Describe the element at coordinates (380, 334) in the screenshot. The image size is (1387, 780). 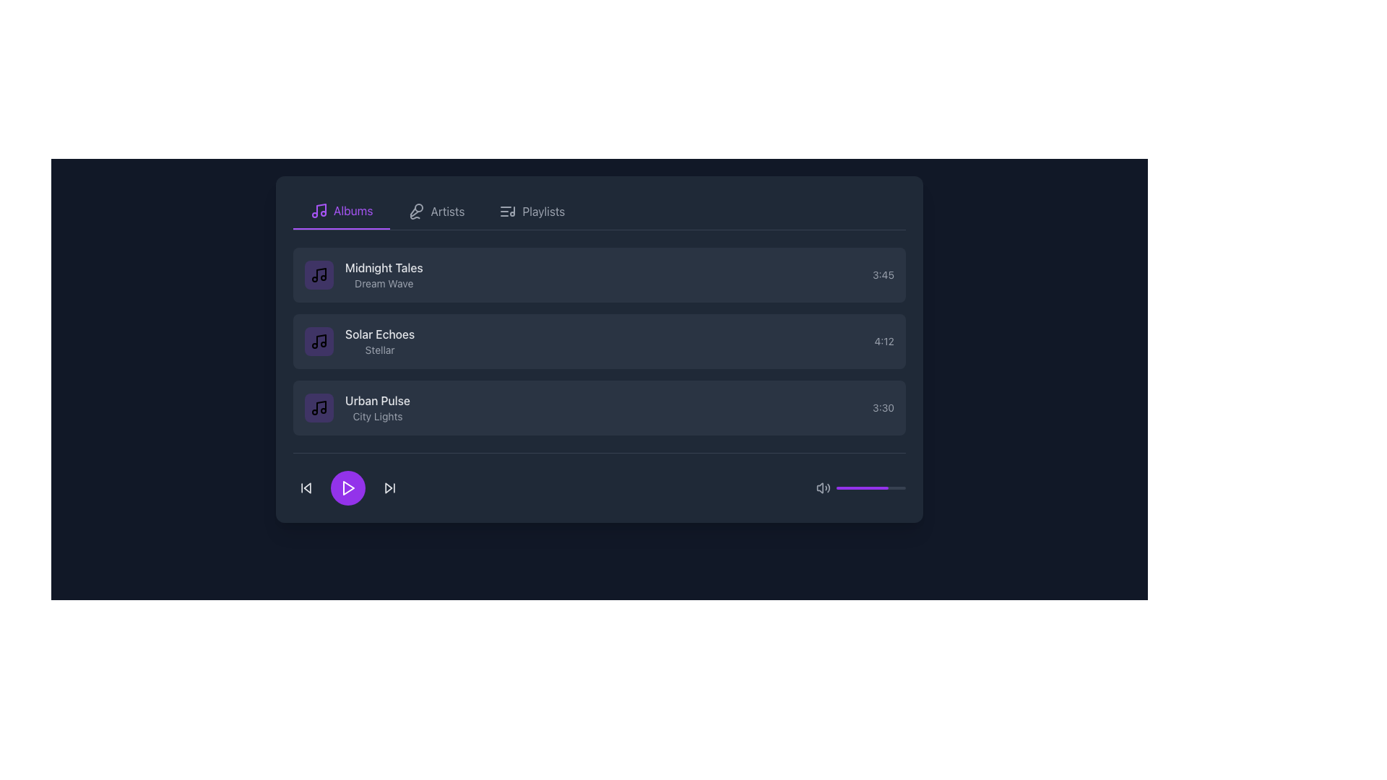
I see `text content of the label that serves as the title for the second list item, which is located in the left half of the interface and is immediately above the text 'Stellar'` at that location.